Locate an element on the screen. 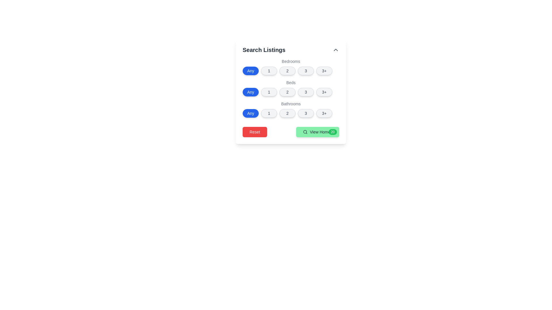 Image resolution: width=552 pixels, height=310 pixels. the button labeled '3' with a rounded rectangular shape and a light gray background located in the search filter interface under the 'Bathrooms' section is located at coordinates (306, 113).